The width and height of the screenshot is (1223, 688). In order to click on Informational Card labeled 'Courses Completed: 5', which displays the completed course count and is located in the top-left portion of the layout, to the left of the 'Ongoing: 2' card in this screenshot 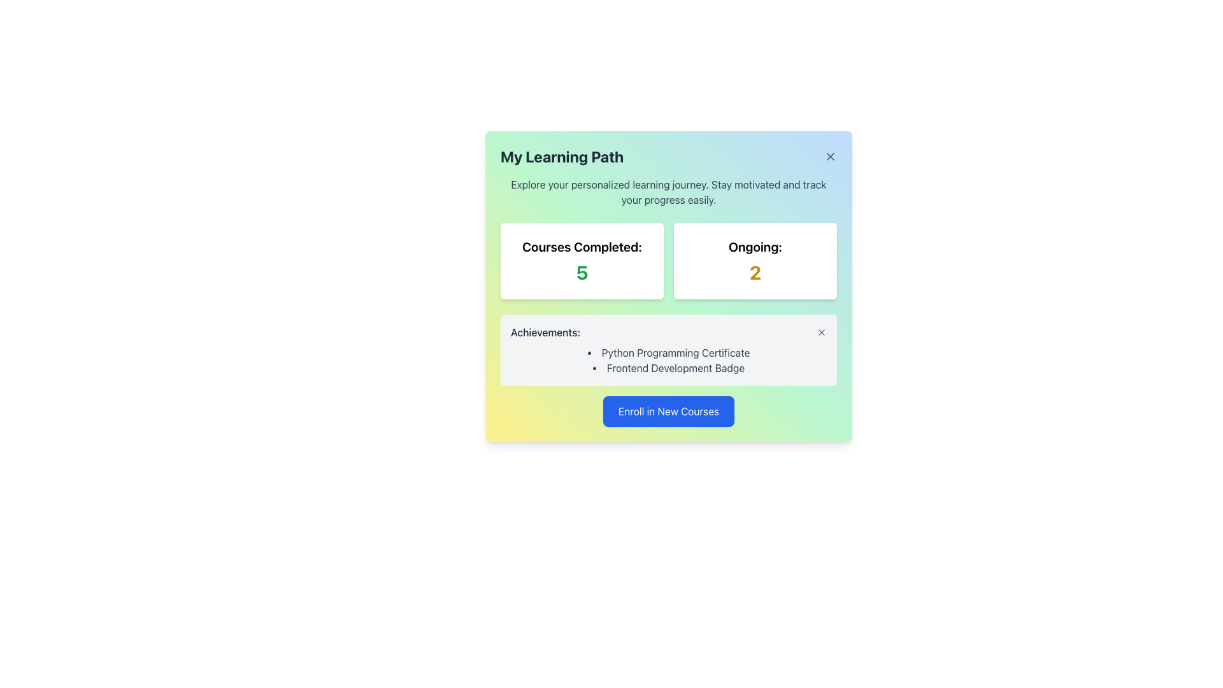, I will do `click(581, 260)`.